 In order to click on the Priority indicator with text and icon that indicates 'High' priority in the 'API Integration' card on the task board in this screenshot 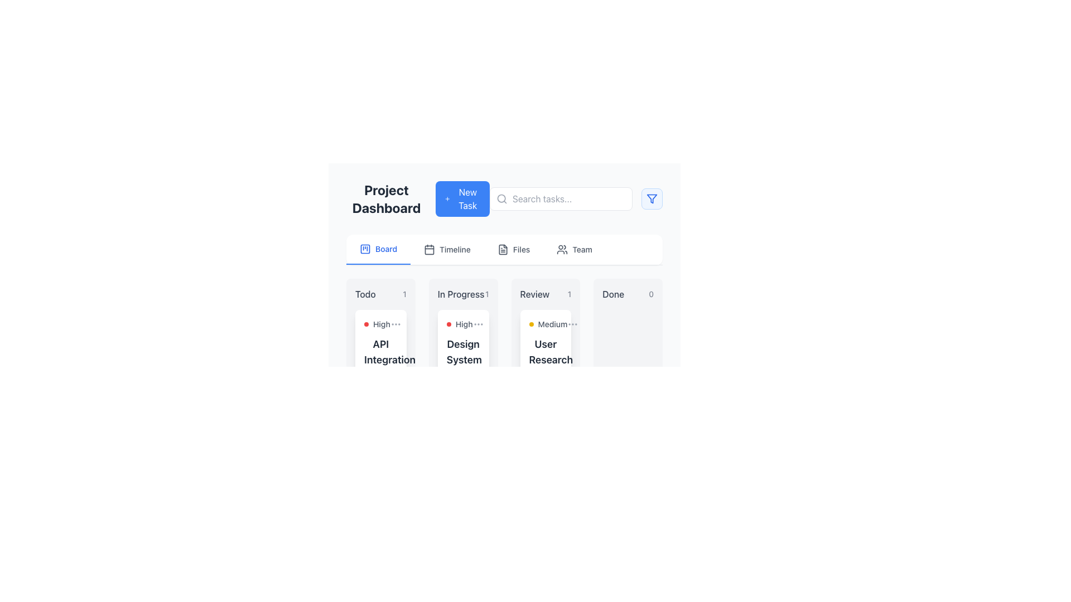, I will do `click(380, 324)`.